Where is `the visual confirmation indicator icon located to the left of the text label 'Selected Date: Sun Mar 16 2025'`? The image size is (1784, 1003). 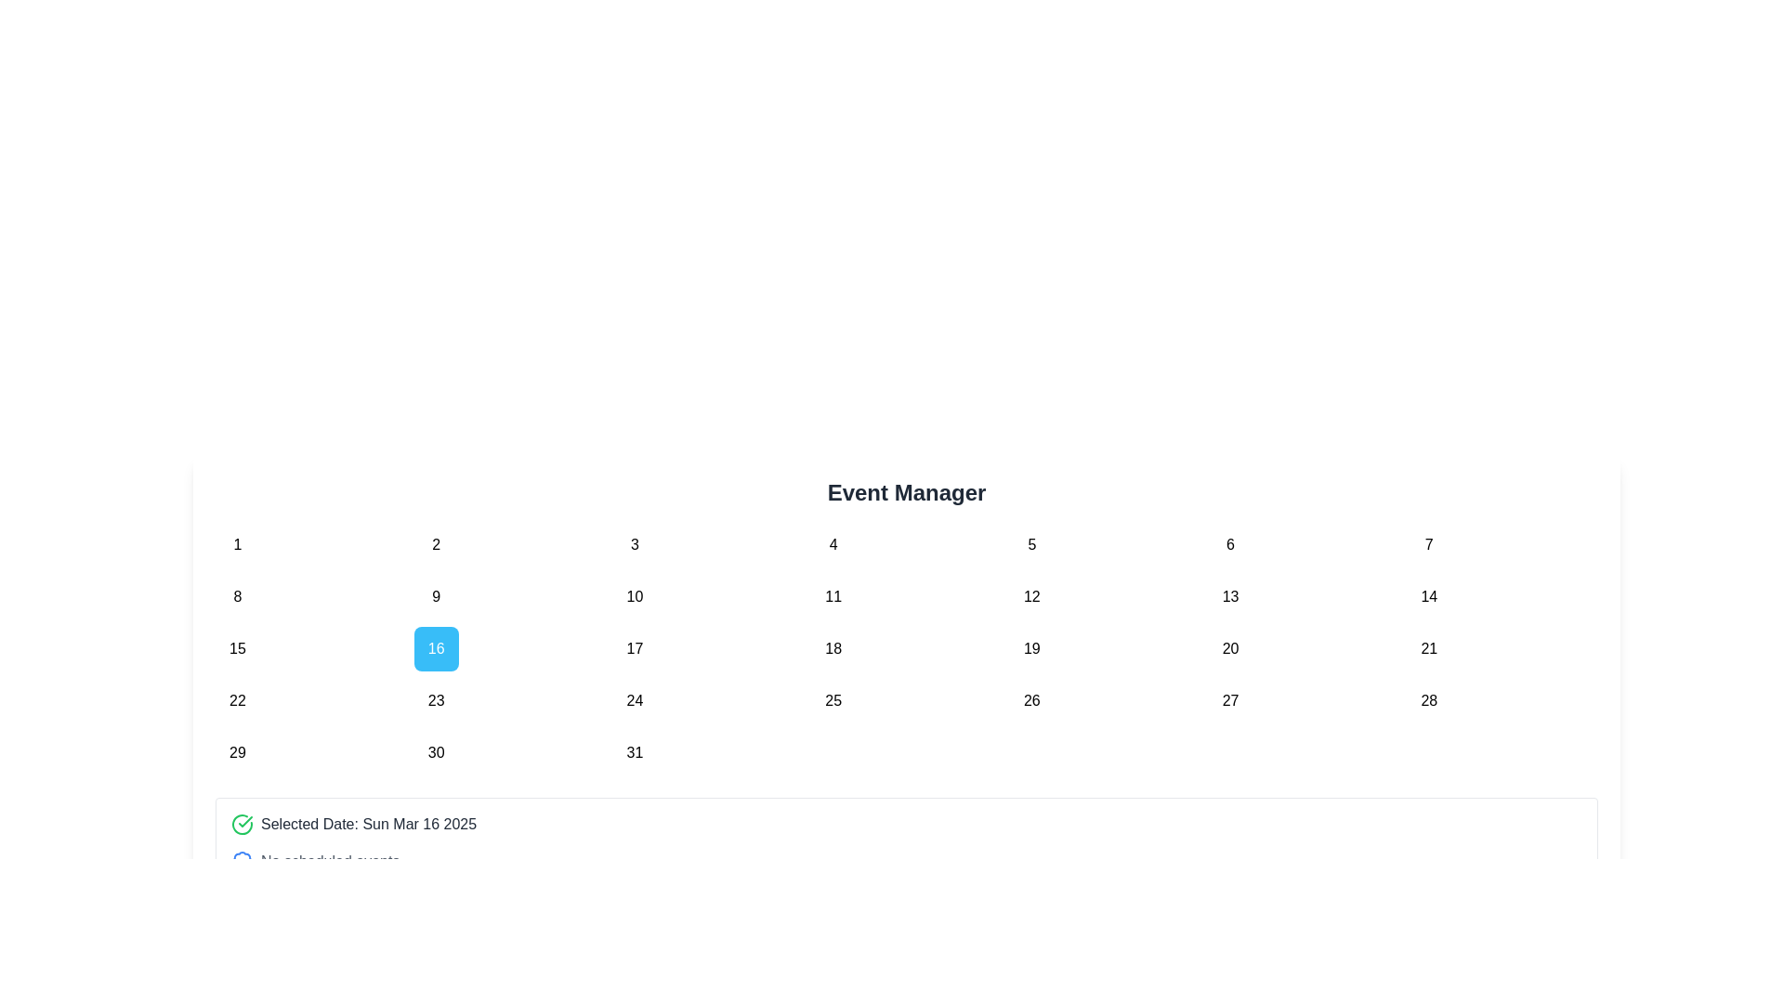 the visual confirmation indicator icon located to the left of the text label 'Selected Date: Sun Mar 16 2025' is located at coordinates (241, 823).